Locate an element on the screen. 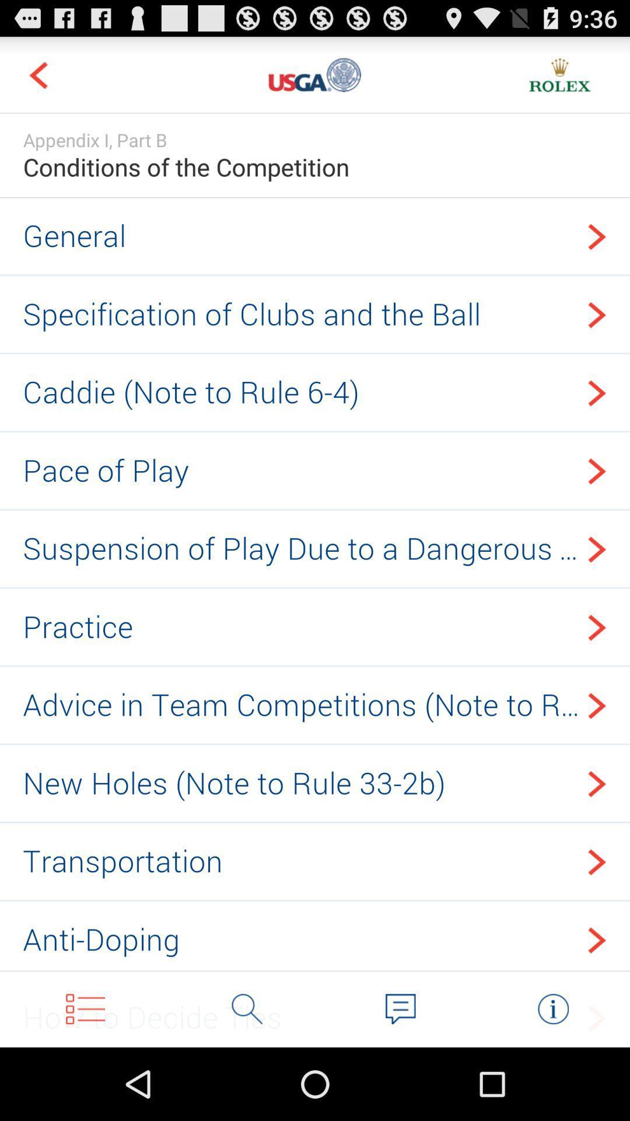 The image size is (630, 1121). the list icon is located at coordinates (85, 1079).